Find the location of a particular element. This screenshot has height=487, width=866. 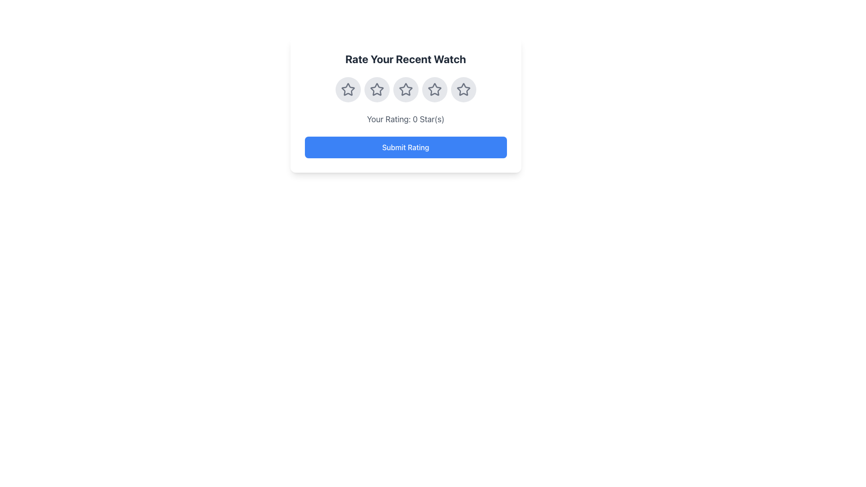

the first star icon in the 5-star rating scale is located at coordinates (347, 89).